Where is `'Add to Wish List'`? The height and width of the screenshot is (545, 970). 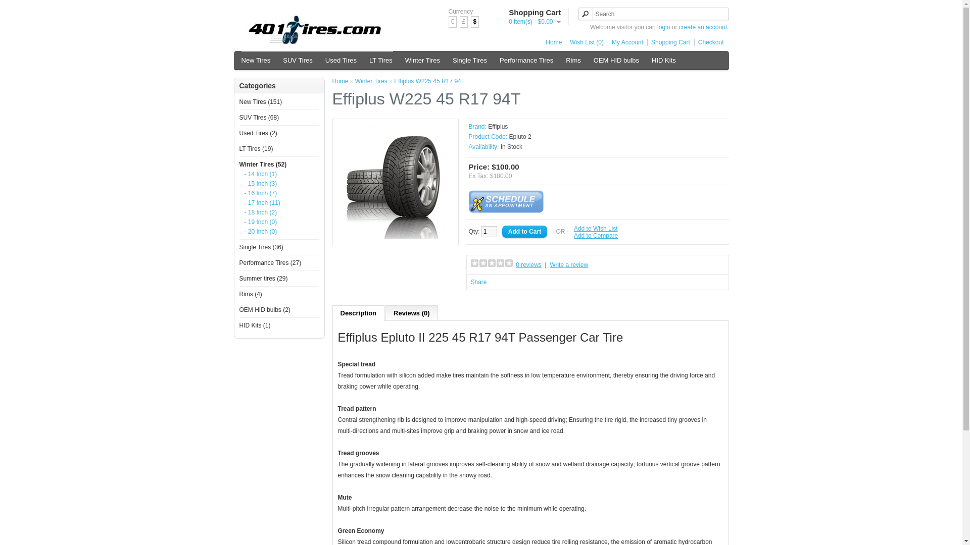
'Add to Wish List' is located at coordinates (574, 228).